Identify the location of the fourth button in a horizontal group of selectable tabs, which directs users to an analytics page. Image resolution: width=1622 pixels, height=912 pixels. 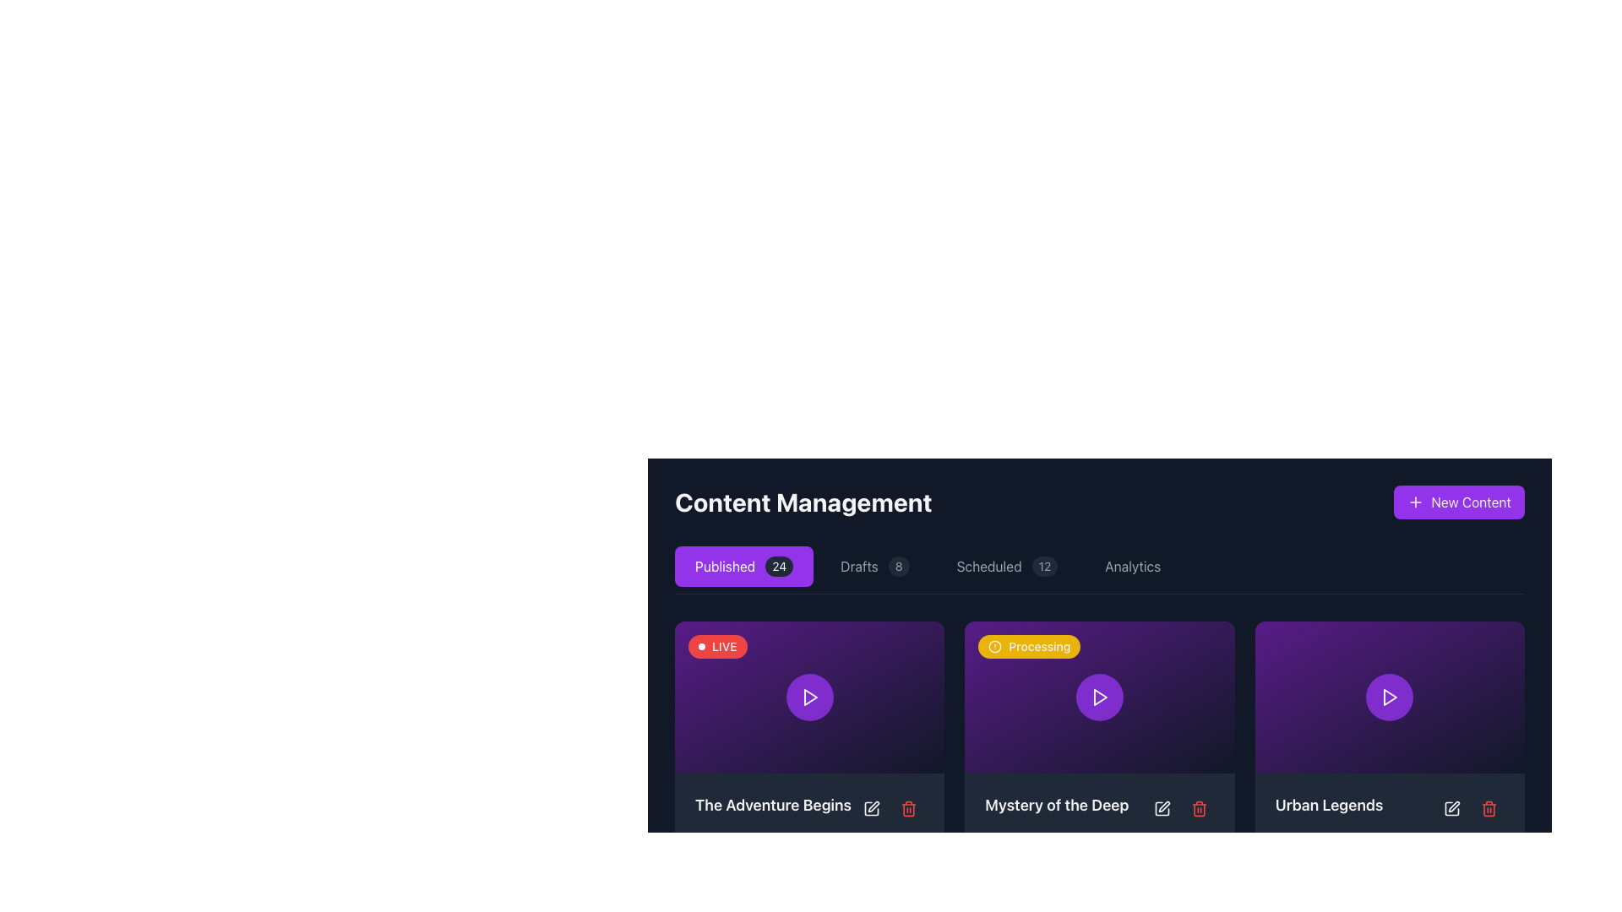
(1133, 567).